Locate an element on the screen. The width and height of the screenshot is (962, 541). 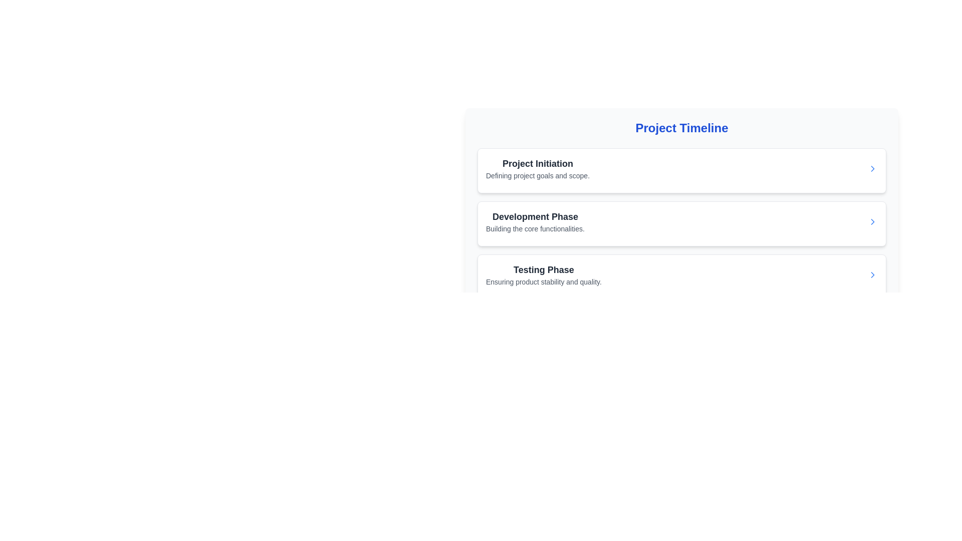
the text segment displaying 'Defining project goals and scope.' which is positioned below the title 'Project Initiation' in the 'Project Timeline' section is located at coordinates (537, 175).